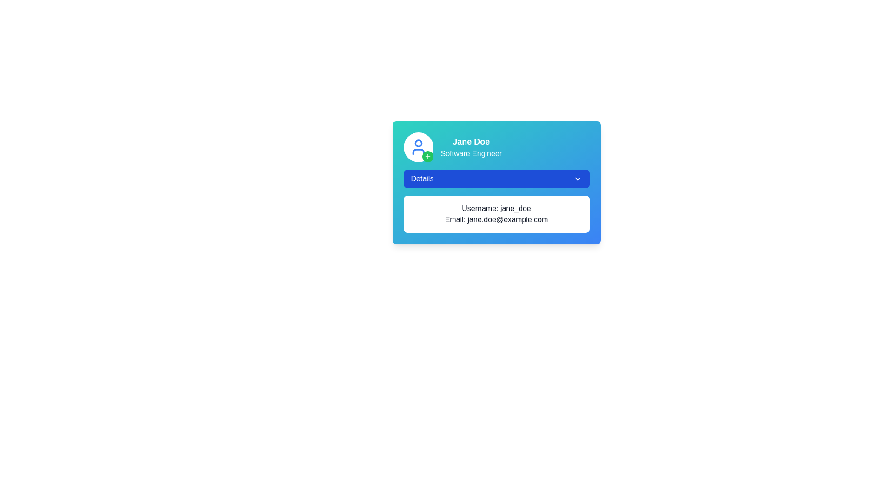 Image resolution: width=893 pixels, height=502 pixels. Describe the element at coordinates (418, 143) in the screenshot. I see `the small circle element that resembles the head of a user icon, which is located at the top-center of the user profile graphical representation` at that location.